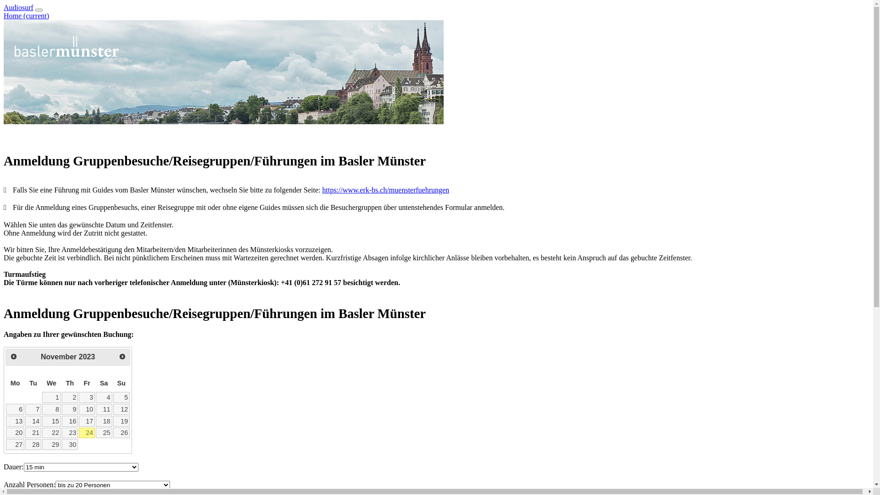  What do you see at coordinates (51, 397) in the screenshot?
I see `'1'` at bounding box center [51, 397].